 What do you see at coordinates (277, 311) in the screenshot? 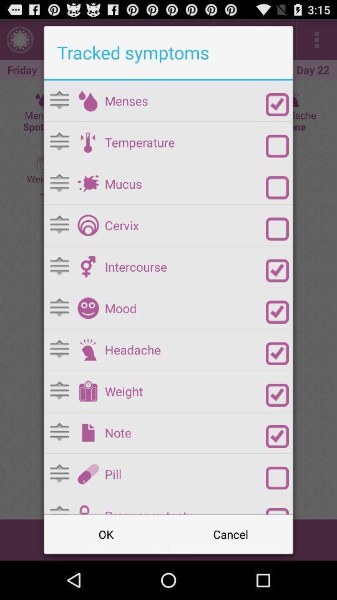
I see `mood` at bounding box center [277, 311].